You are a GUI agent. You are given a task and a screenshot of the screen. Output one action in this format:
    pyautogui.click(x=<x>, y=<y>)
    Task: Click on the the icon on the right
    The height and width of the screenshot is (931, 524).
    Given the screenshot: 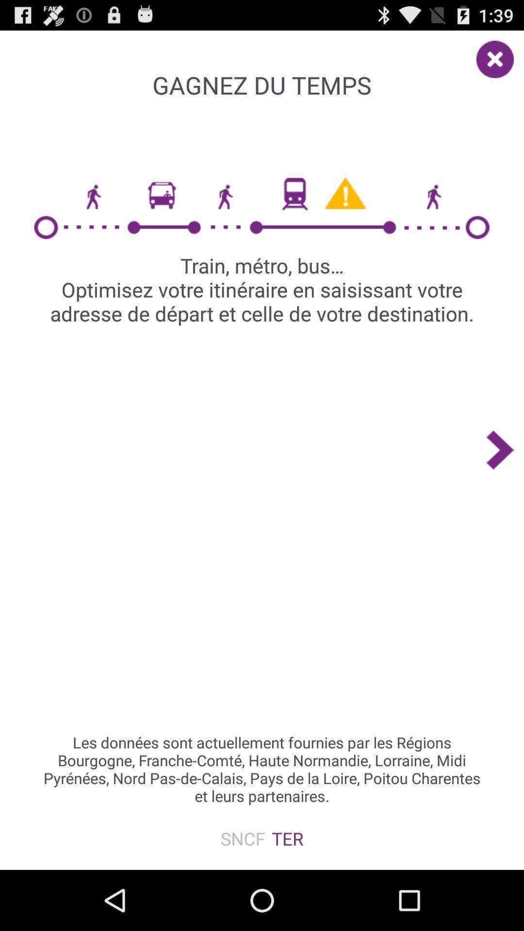 What is the action you would take?
    pyautogui.click(x=505, y=449)
    